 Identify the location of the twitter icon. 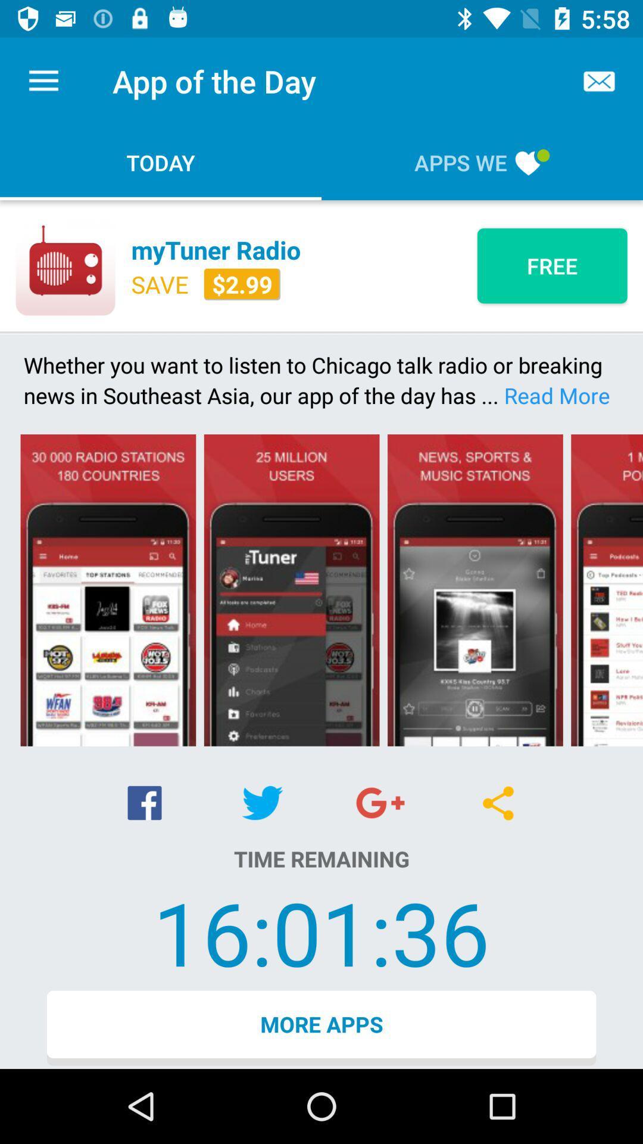
(261, 803).